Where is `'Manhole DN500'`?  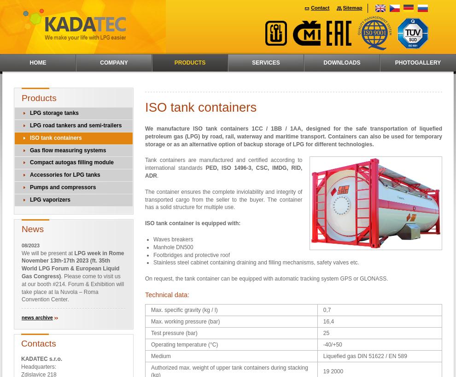
'Manhole DN500' is located at coordinates (173, 246).